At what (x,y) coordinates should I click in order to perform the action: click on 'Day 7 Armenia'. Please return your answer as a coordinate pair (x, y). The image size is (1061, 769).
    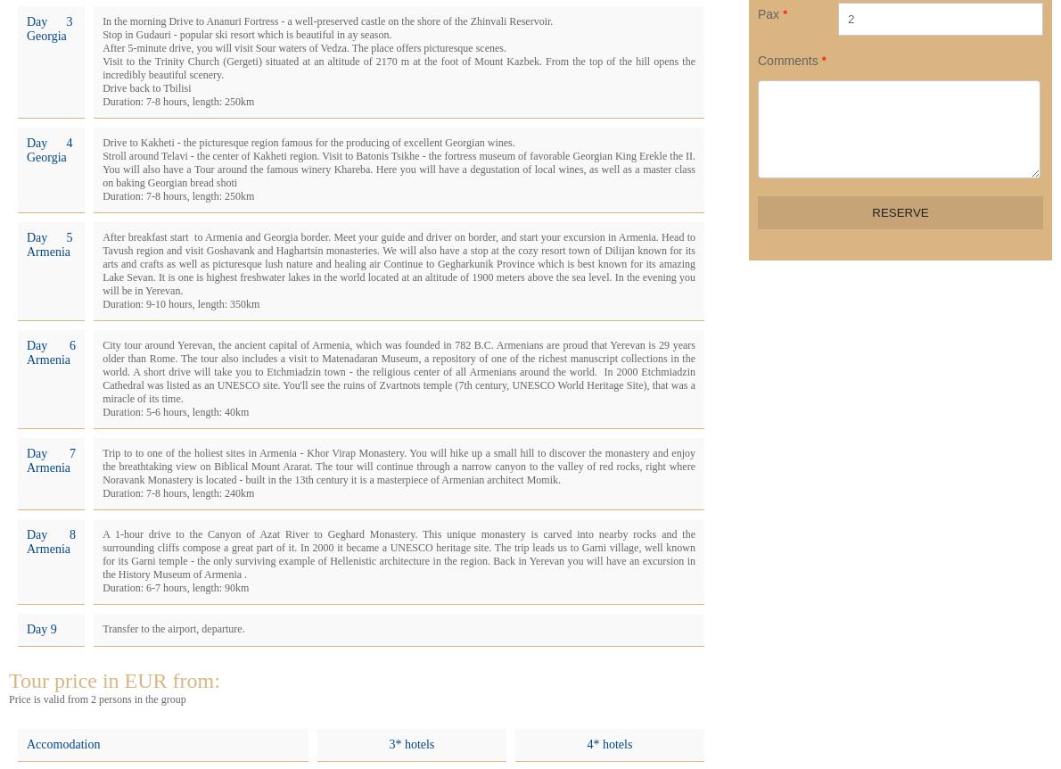
    Looking at the image, I should click on (51, 459).